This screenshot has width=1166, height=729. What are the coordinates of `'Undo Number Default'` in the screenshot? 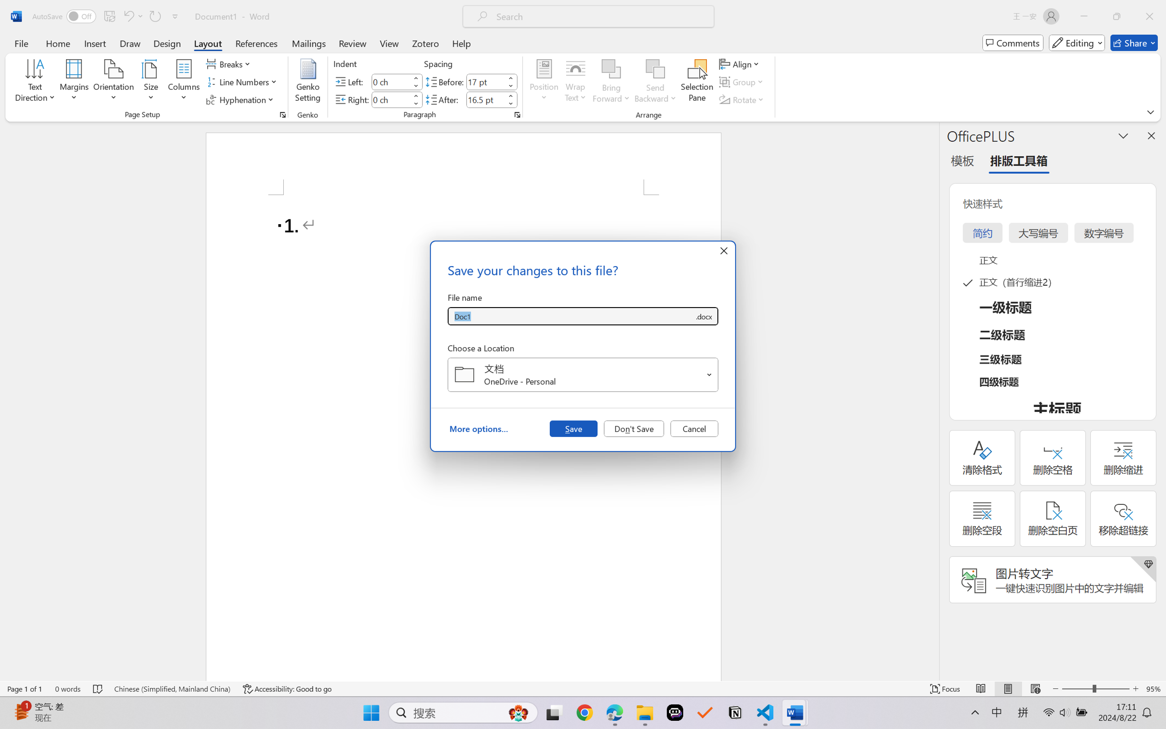 It's located at (128, 16).